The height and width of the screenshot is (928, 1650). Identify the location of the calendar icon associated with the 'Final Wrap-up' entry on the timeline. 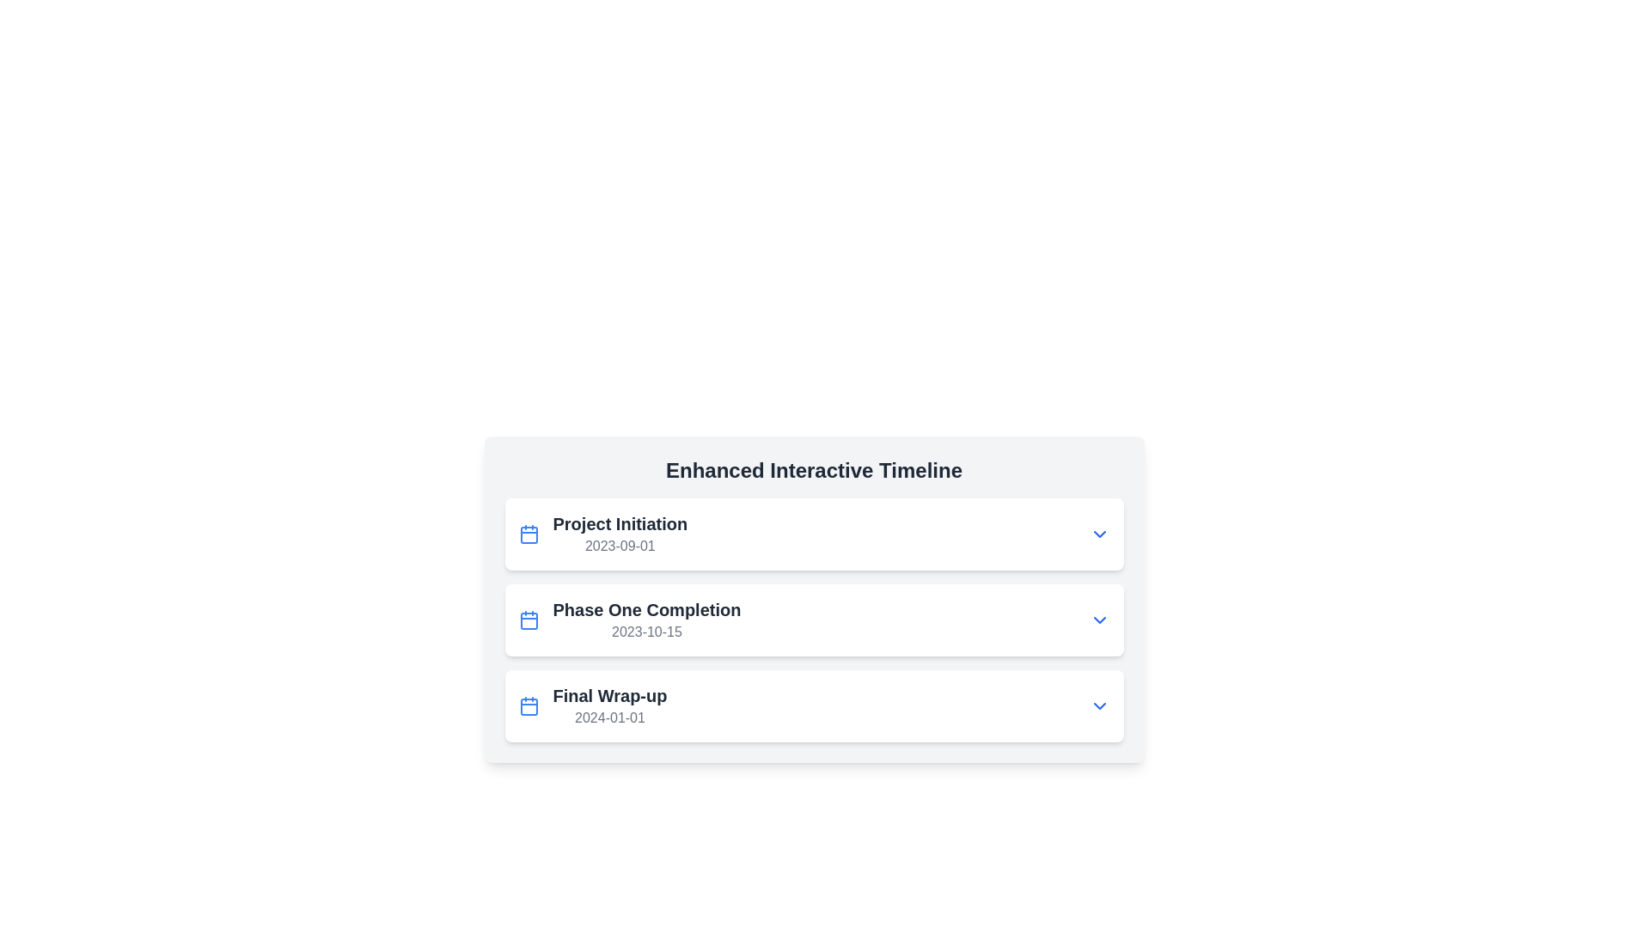
(528, 706).